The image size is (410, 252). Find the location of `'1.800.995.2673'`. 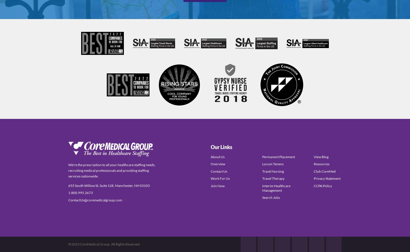

'1.800.995.2673' is located at coordinates (80, 192).